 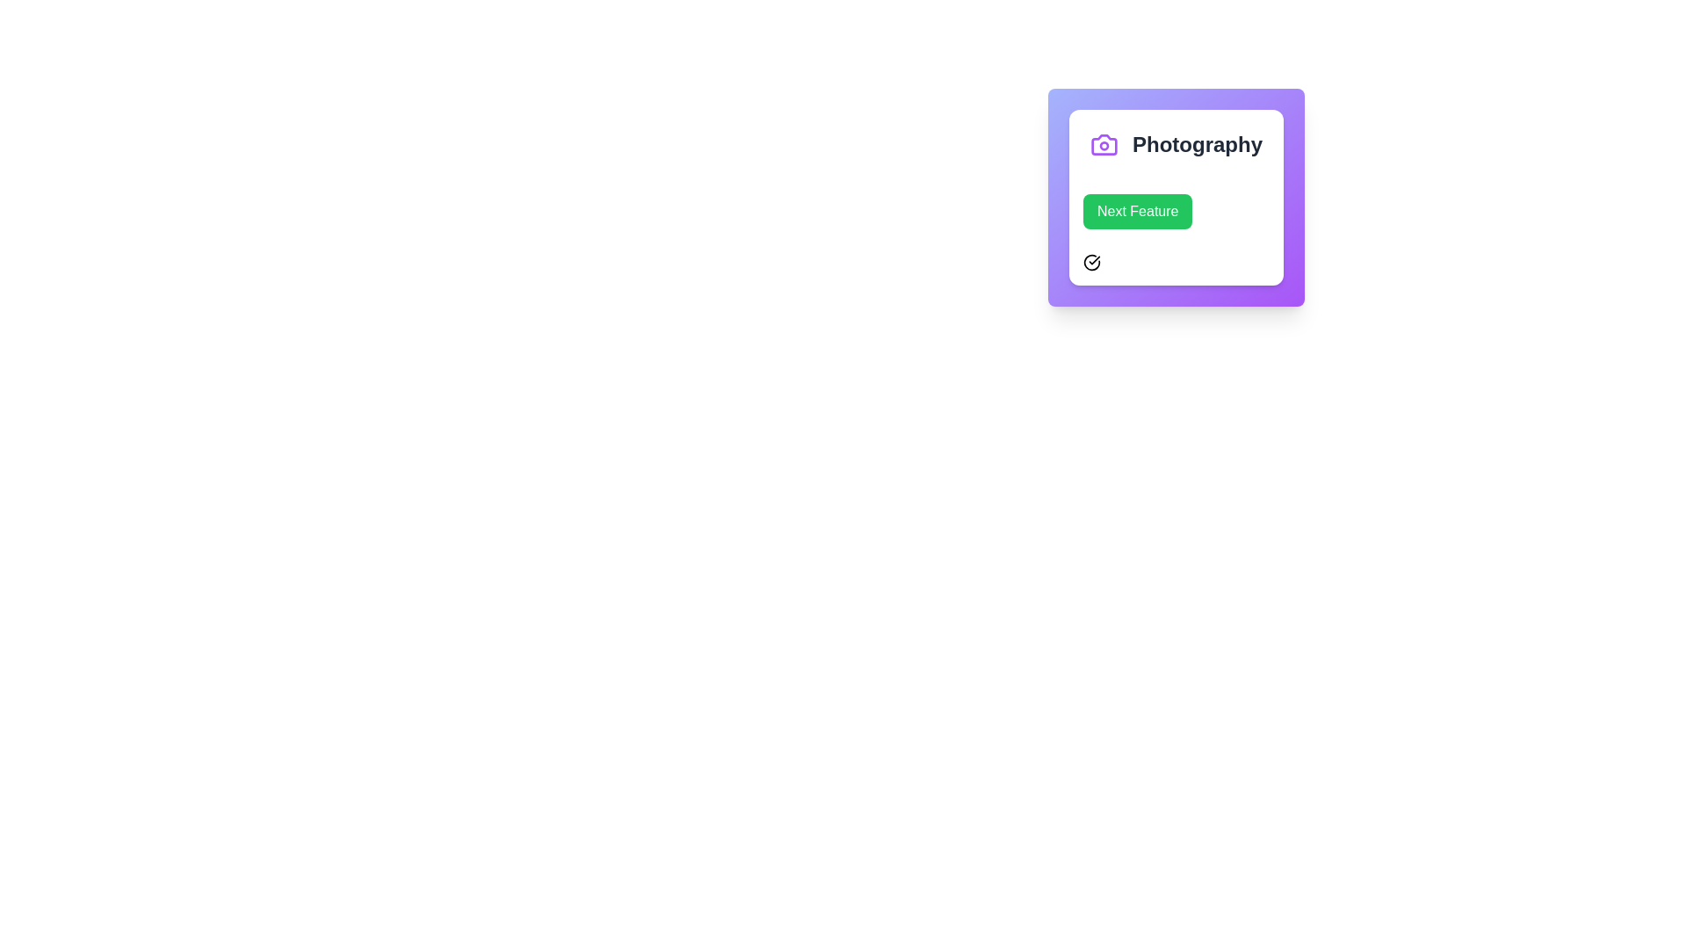 What do you see at coordinates (1177, 197) in the screenshot?
I see `the button with a purple border that serves as a clickable element to navigate to the next feature` at bounding box center [1177, 197].